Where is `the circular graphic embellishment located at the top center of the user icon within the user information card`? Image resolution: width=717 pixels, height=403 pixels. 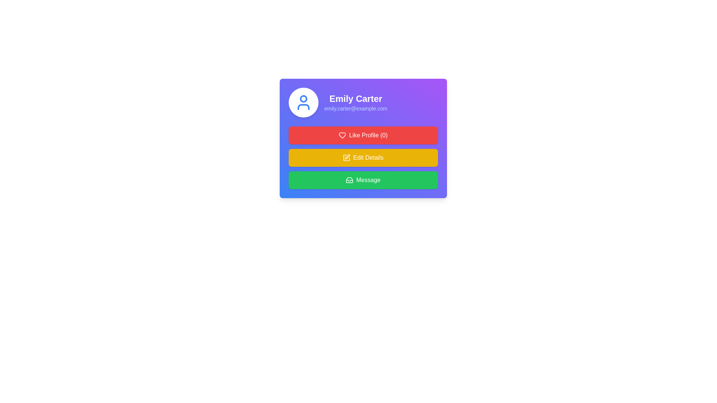
the circular graphic embellishment located at the top center of the user icon within the user information card is located at coordinates (303, 99).